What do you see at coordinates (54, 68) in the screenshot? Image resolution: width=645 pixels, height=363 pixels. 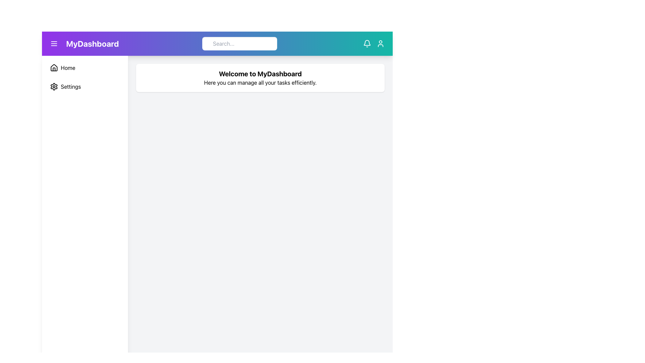 I see `the house-shaped icon located in the navigation panel next to the 'Home' text` at bounding box center [54, 68].